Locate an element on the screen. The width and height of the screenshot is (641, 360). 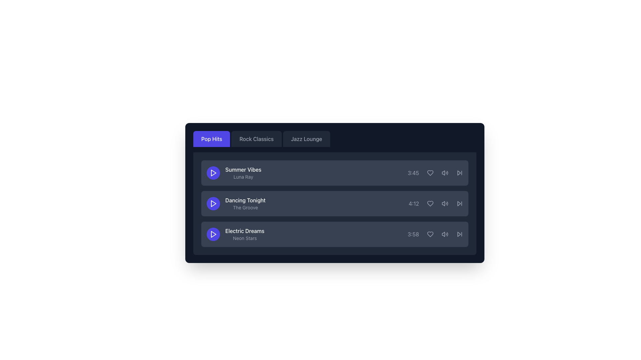
text content of the subtitle label located below 'Dancing Tonight' in the second row of the content list, which serves as additional information about the performer or related group is located at coordinates (245, 207).